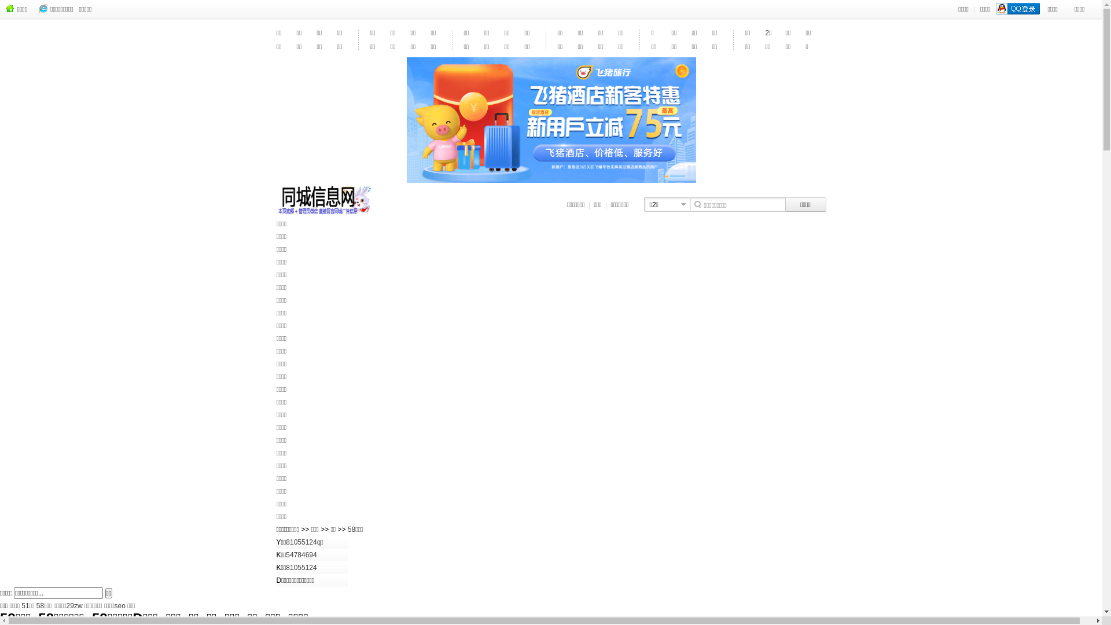  Describe the element at coordinates (301, 567) in the screenshot. I see `'81055124'` at that location.